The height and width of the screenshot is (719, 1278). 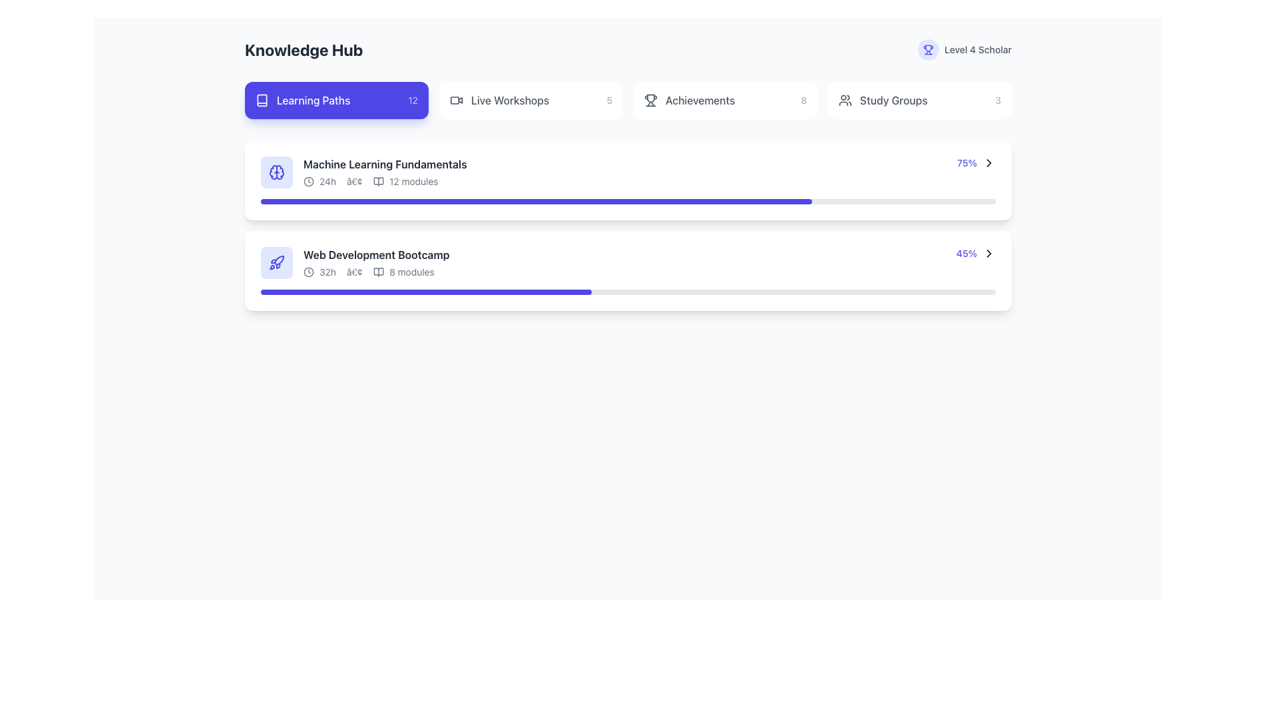 I want to click on the 'Study Groups' text label located on the far right side of the navigation area, so click(x=893, y=99).